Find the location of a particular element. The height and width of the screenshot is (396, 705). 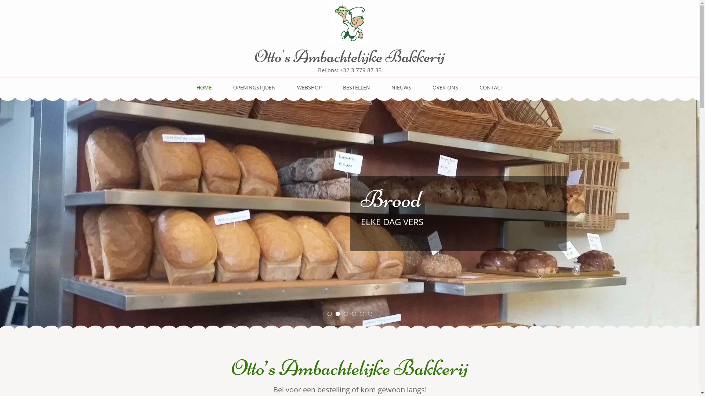

'BESTELLEN' is located at coordinates (356, 90).